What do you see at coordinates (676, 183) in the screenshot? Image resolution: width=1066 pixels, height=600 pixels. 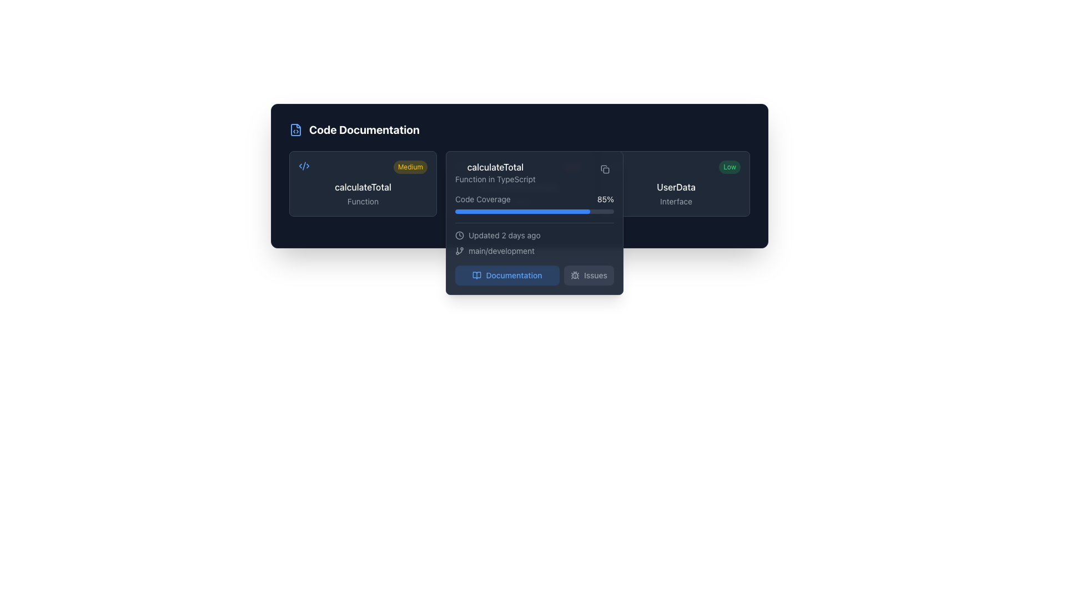 I see `the 'UserData' Information card located in the rightmost column of the grid` at bounding box center [676, 183].